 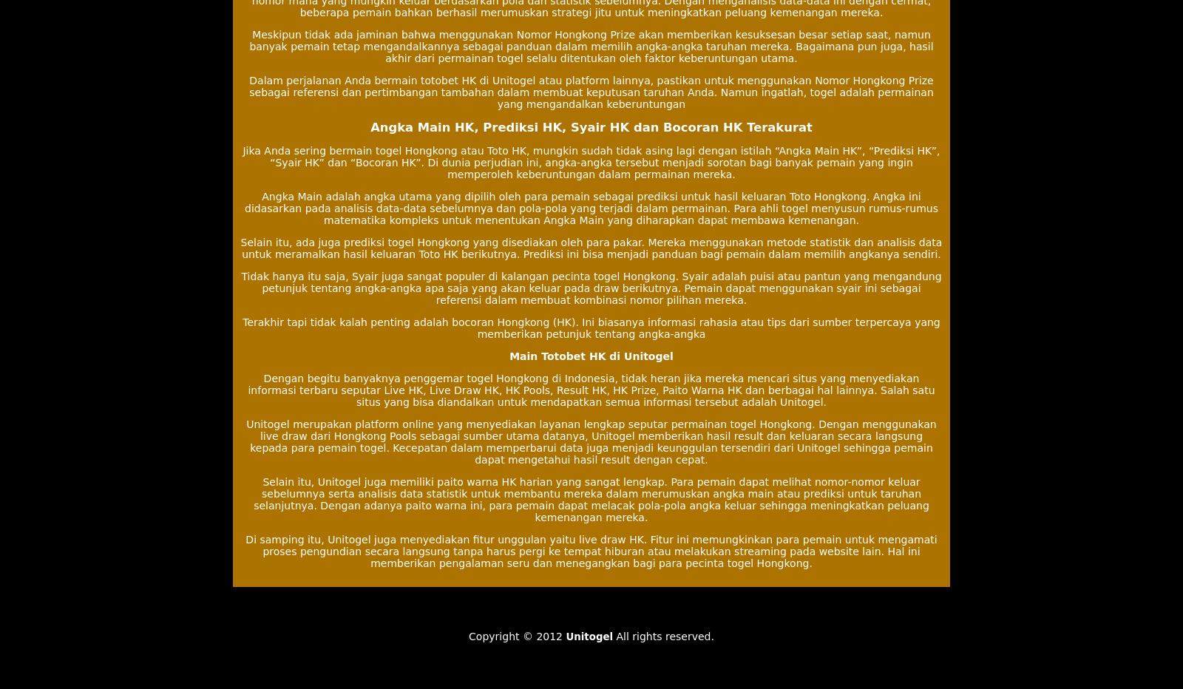 I want to click on 'Unitogel merupakan platform online yang menyediakan layanan lengkap seputar permainan togel Hongkong. Dengan menggunakan live draw dari Hongkong Pools sebagai sumber utama datanya, Unitogel memberikan hasil result dan keluaran secara langsung kepada para pemain togel. Kecepatan dalam memperbarui data juga menjadi keunggulan tersendiri dari Unitogel sehingga pemain dapat mengetahui hasil result dengan cepat.', so click(x=591, y=441).